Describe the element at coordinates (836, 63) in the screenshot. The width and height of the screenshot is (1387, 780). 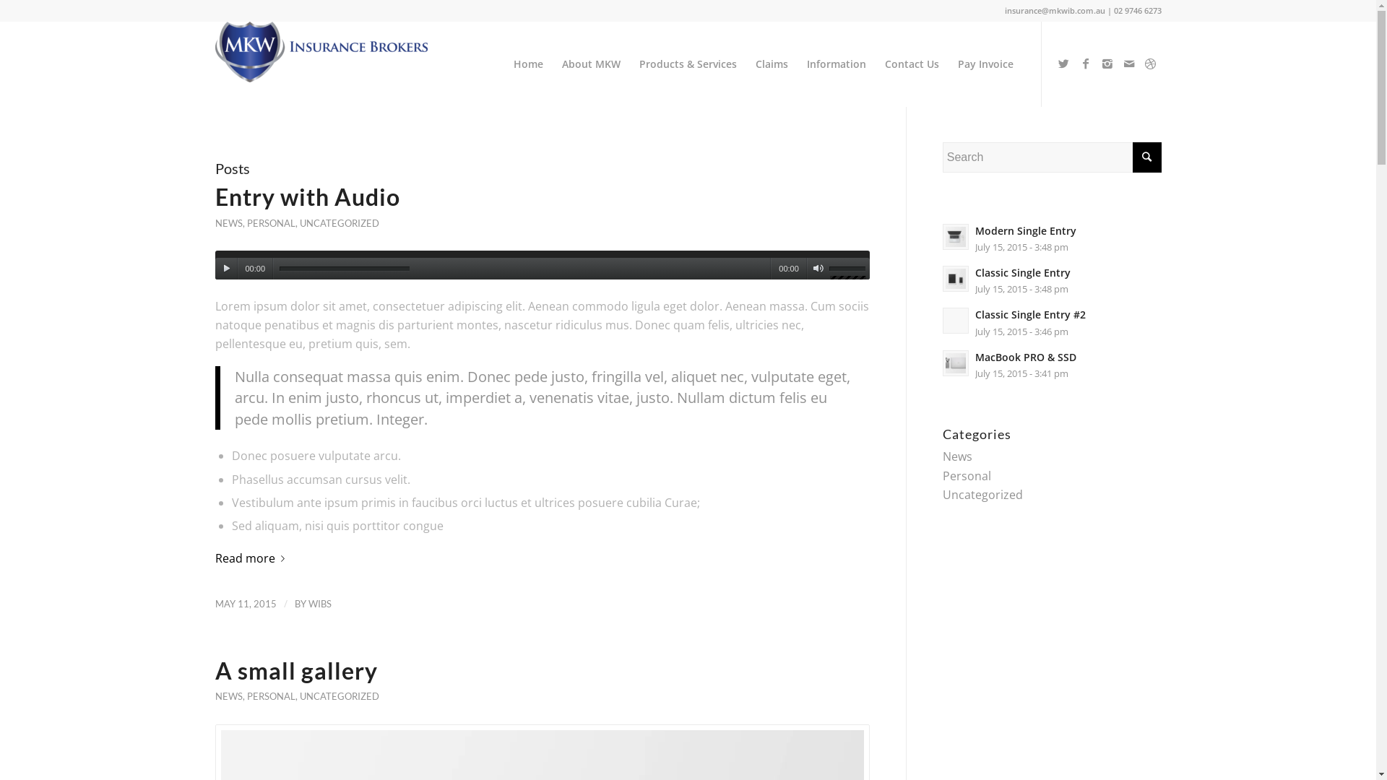
I see `'Information'` at that location.